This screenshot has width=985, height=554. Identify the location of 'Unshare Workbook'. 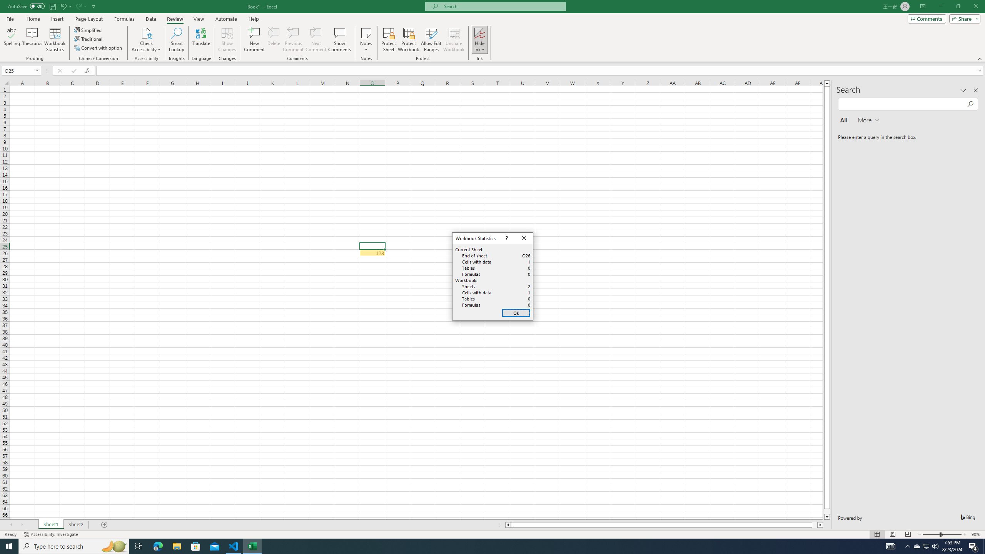
(454, 40).